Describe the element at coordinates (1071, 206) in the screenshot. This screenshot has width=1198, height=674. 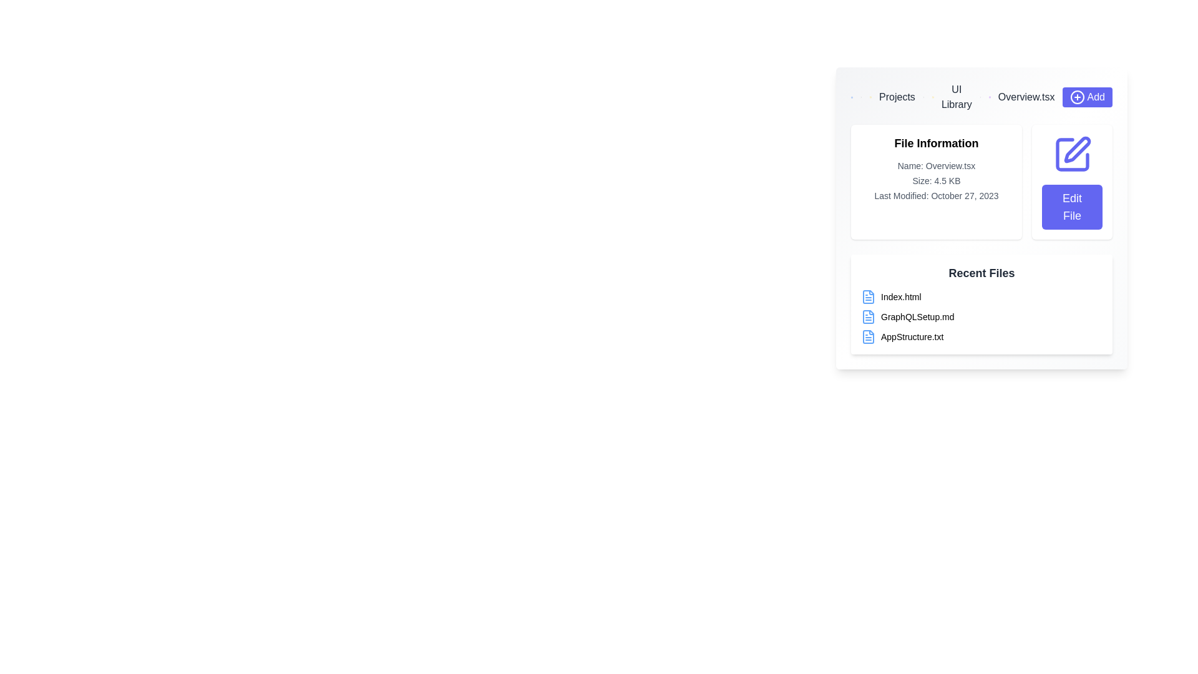
I see `the edit button located at the bottom section of the card with shadow and rounded corners, which opens an editor for modifying the displayed file` at that location.